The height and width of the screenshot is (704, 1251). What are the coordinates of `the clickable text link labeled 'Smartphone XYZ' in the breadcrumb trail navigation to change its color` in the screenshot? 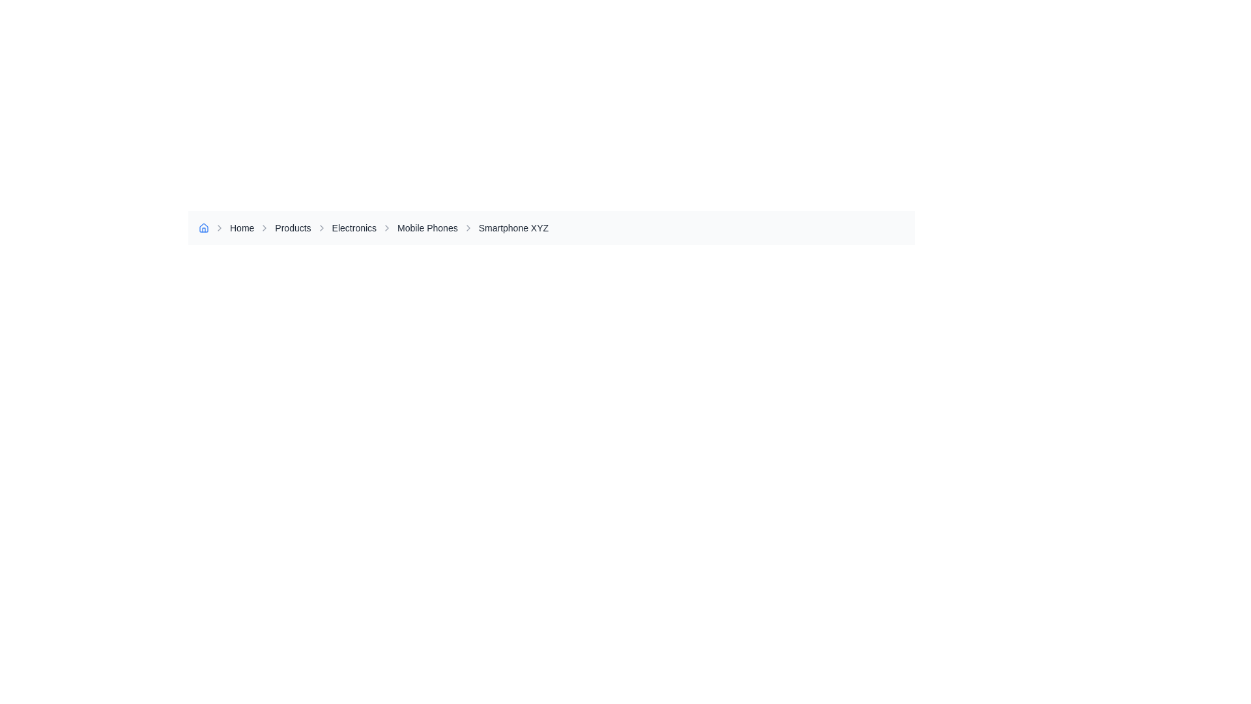 It's located at (513, 227).